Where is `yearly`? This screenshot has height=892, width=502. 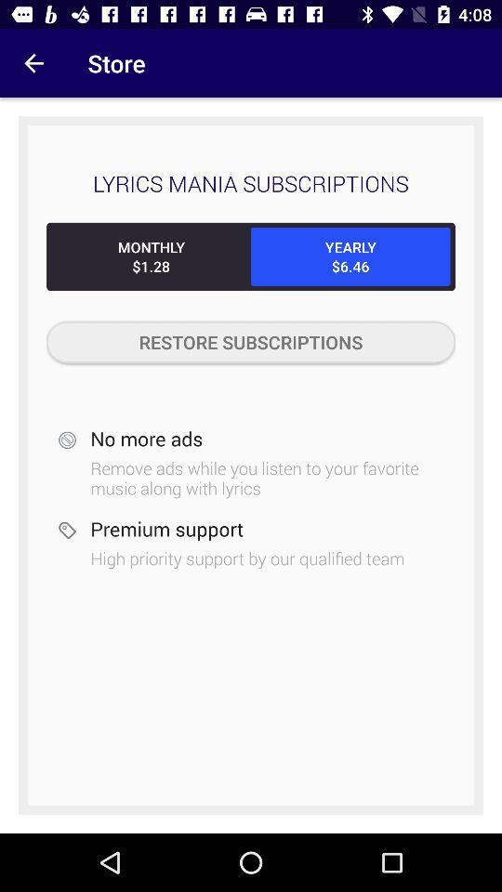 yearly is located at coordinates (350, 256).